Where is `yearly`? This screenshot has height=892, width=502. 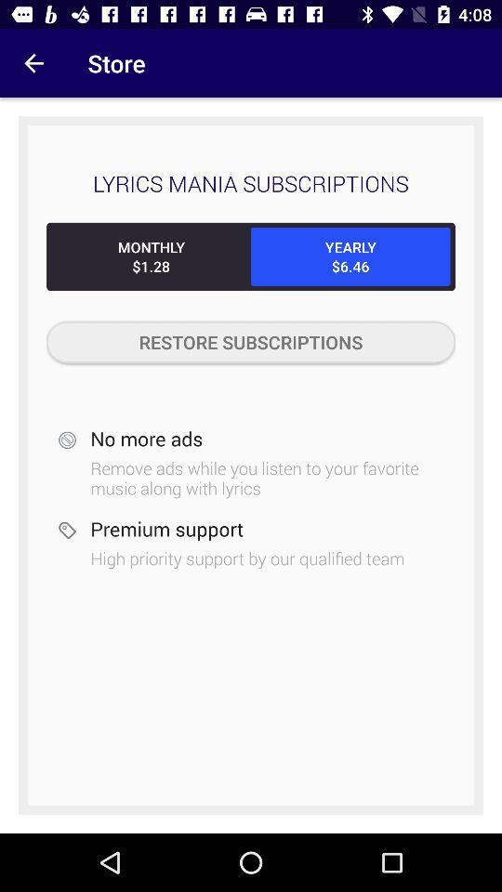 yearly is located at coordinates (350, 256).